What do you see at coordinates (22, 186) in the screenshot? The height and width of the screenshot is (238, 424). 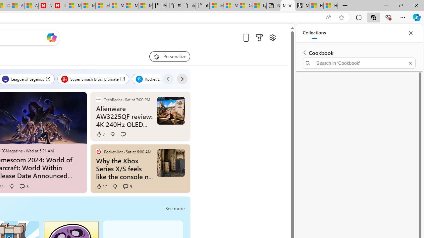 I see `'View comments 3 Comment'` at bounding box center [22, 186].